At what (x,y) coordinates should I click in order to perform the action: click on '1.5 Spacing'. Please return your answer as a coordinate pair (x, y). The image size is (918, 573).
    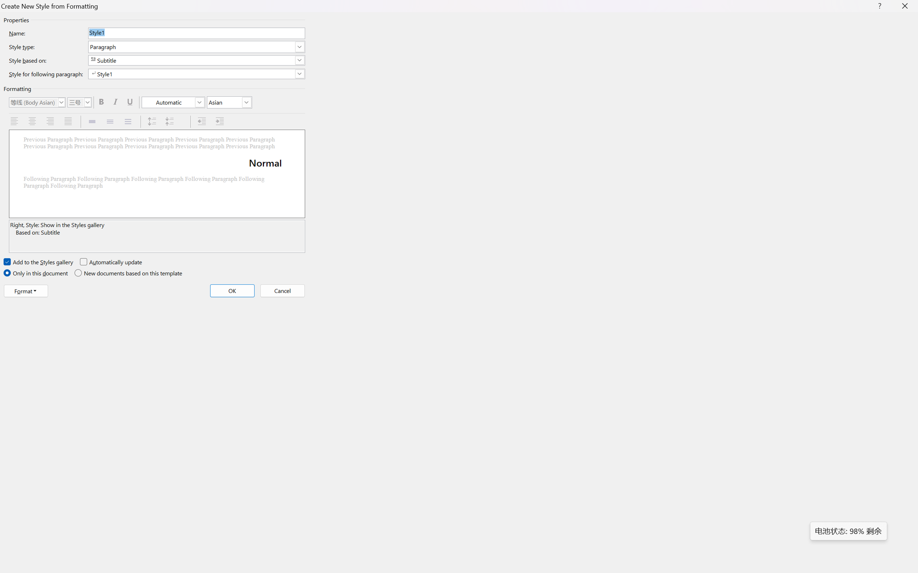
    Looking at the image, I should click on (110, 121).